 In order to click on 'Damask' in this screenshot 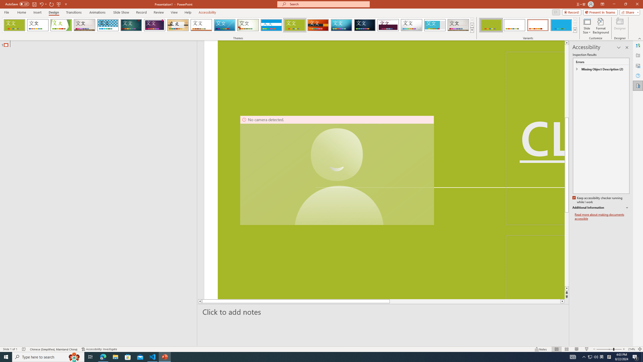, I will do `click(364, 25)`.